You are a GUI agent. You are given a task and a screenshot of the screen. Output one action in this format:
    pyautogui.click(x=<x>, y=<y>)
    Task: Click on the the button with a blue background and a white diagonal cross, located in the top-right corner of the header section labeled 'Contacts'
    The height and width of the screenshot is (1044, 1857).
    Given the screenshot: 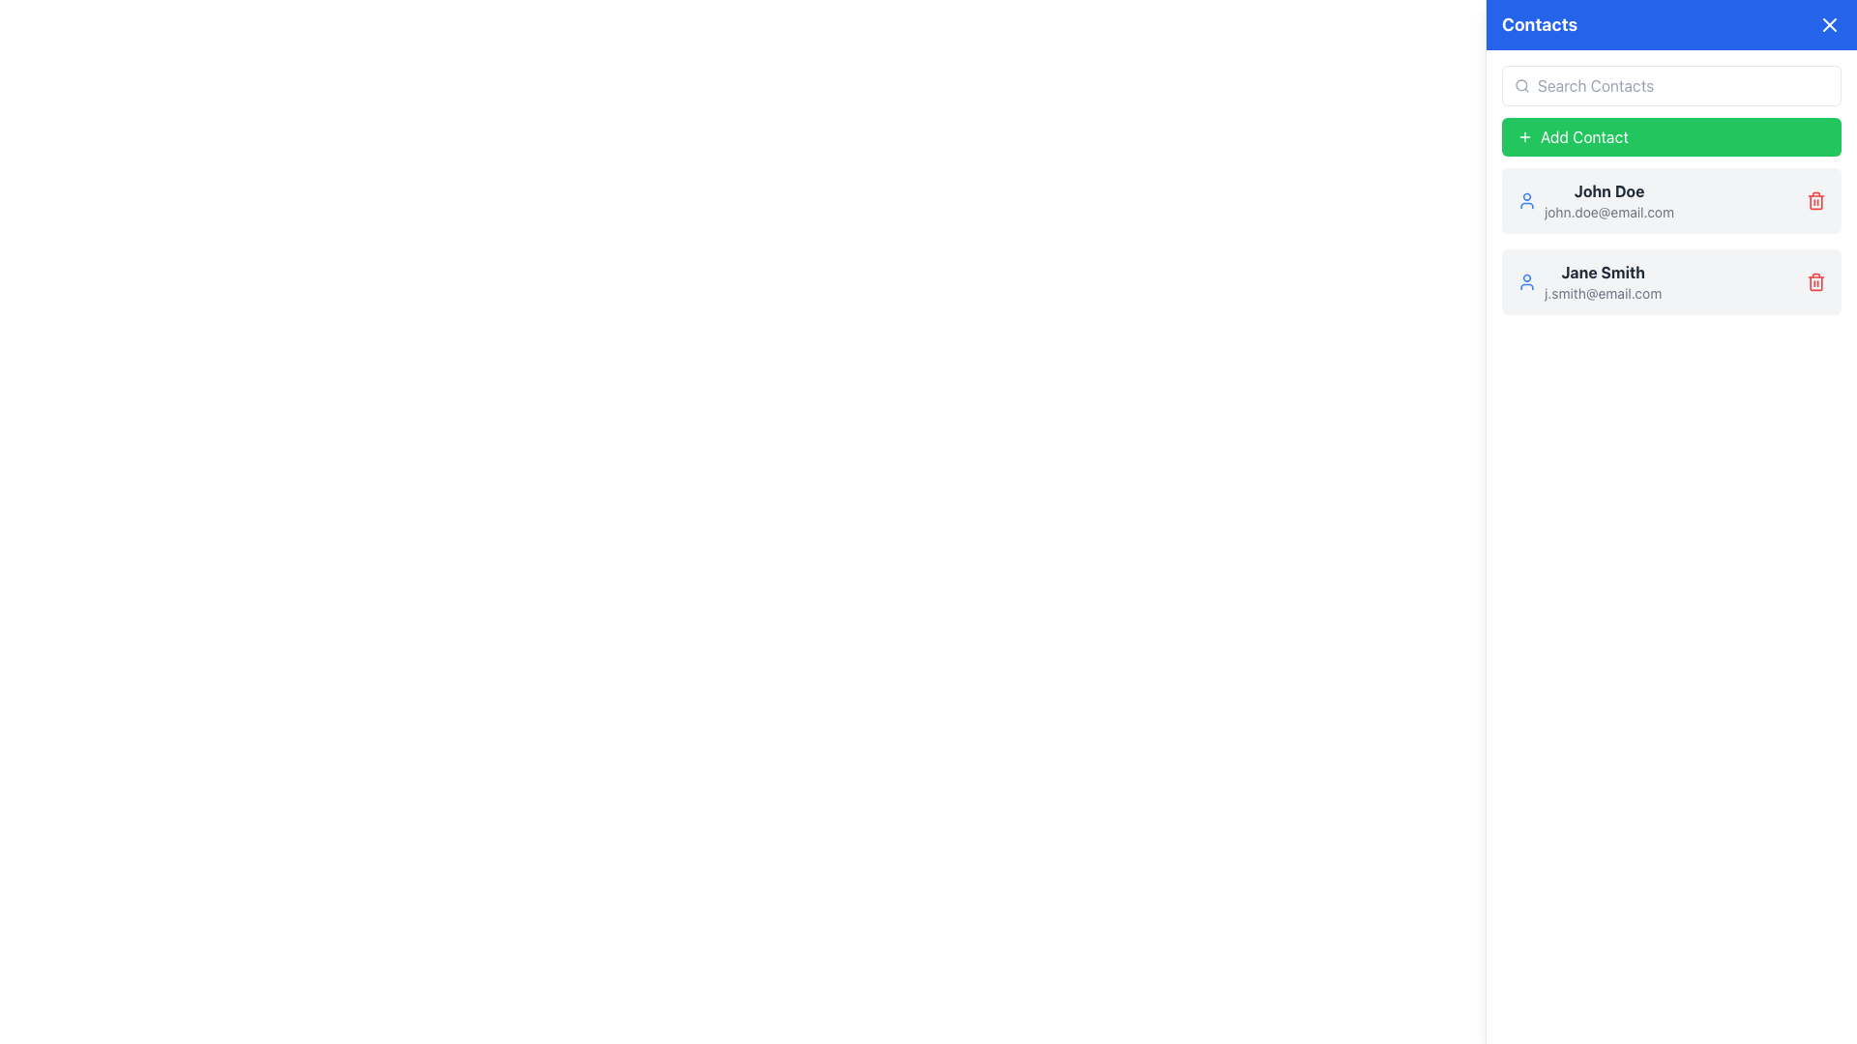 What is the action you would take?
    pyautogui.click(x=1828, y=25)
    